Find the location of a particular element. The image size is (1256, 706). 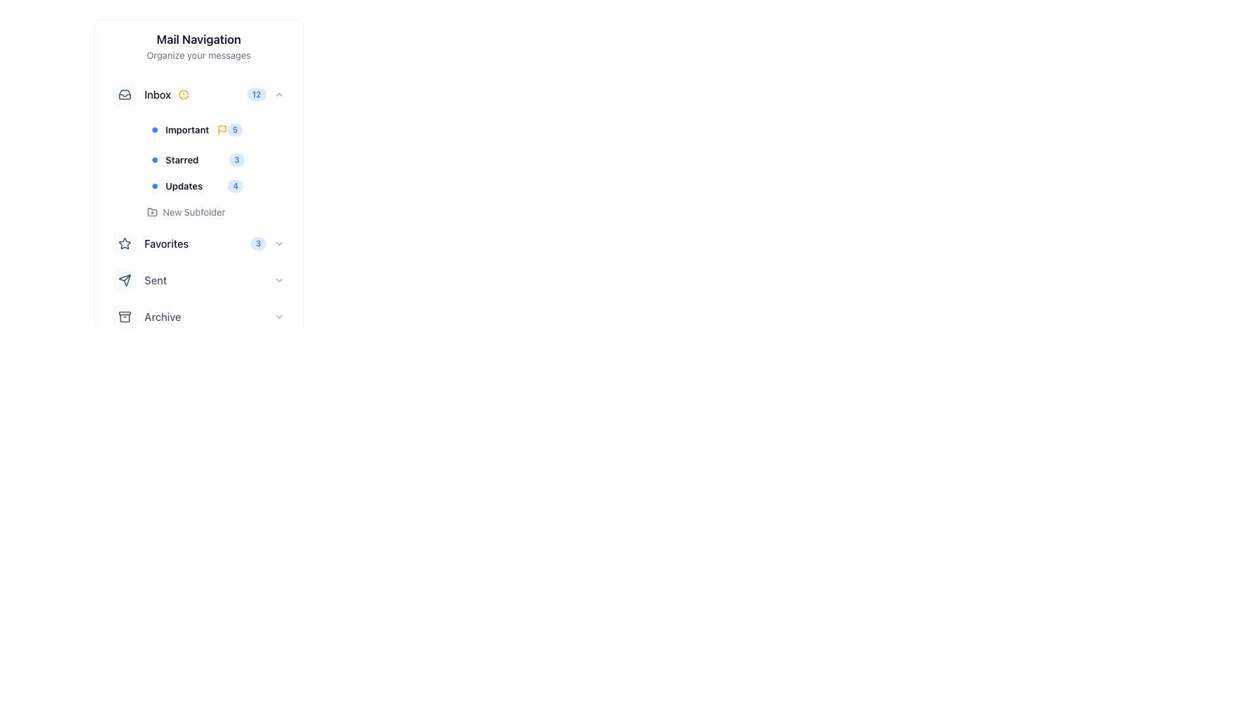

the Icon located within the navigation pane under the 'Inbox' section, adjacent to the 'New Subfolder' text, to understand its representation is located at coordinates (152, 211).